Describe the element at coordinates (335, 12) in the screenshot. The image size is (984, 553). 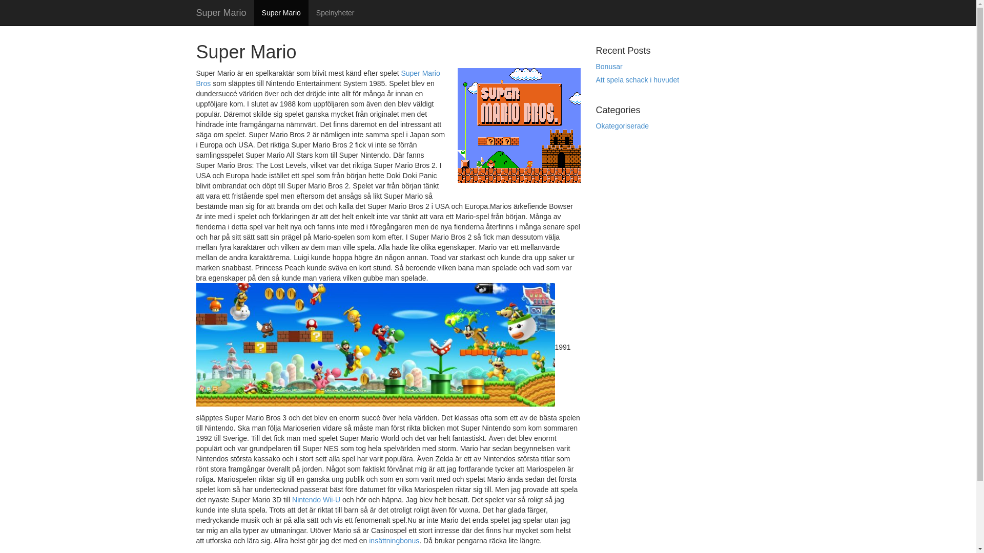
I see `'Spelnyheter'` at that location.